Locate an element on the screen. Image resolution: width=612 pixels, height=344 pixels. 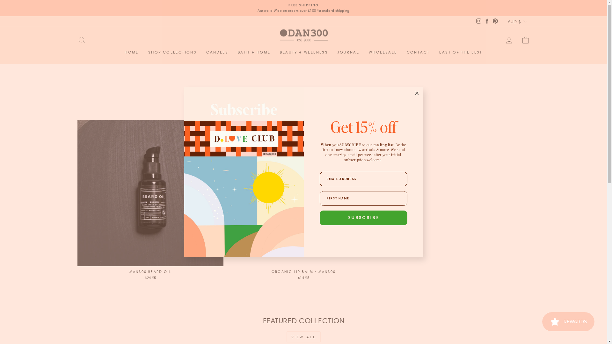
'ORGANIC LIP BALM : MAN300 is located at coordinates (303, 201).